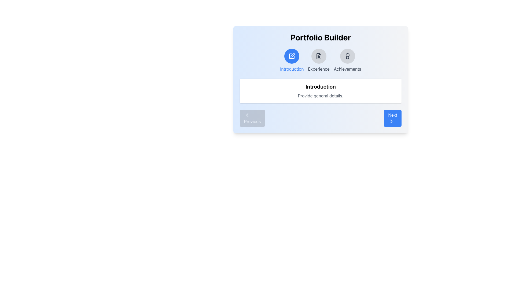  What do you see at coordinates (319, 56) in the screenshot?
I see `the simplistic document icon with a folded corner at the top right` at bounding box center [319, 56].